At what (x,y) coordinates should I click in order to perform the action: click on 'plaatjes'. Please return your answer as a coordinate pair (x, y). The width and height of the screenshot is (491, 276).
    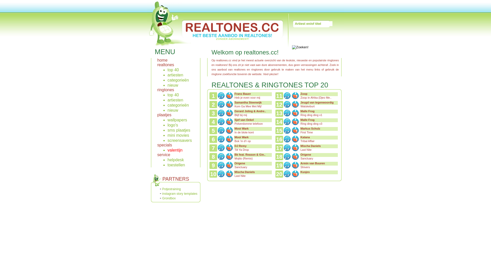
    Looking at the image, I should click on (164, 114).